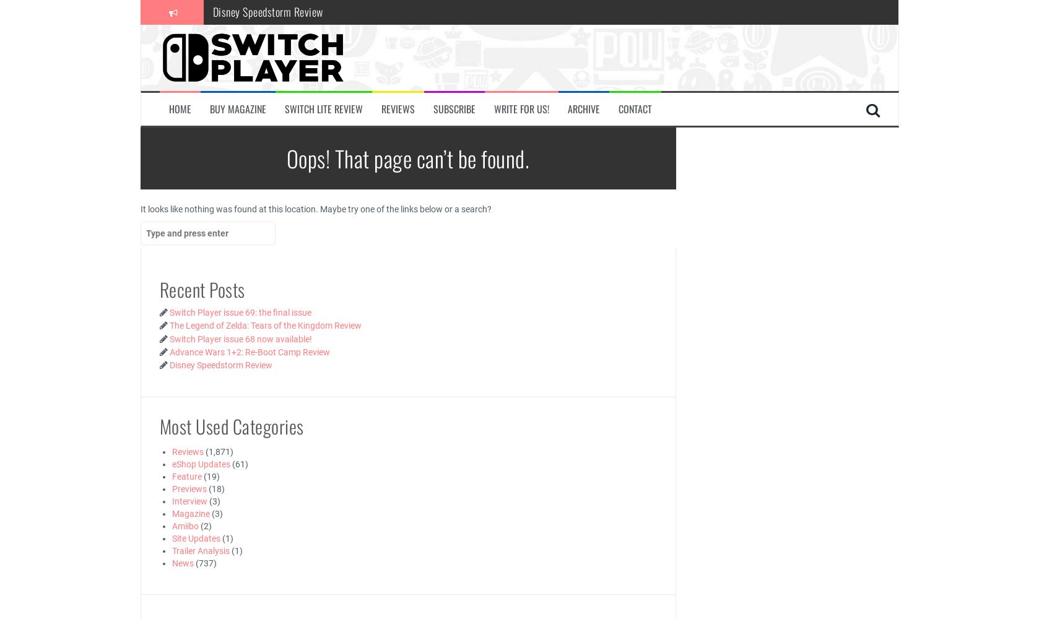 The width and height of the screenshot is (1039, 619). What do you see at coordinates (201, 476) in the screenshot?
I see `'(19)'` at bounding box center [201, 476].